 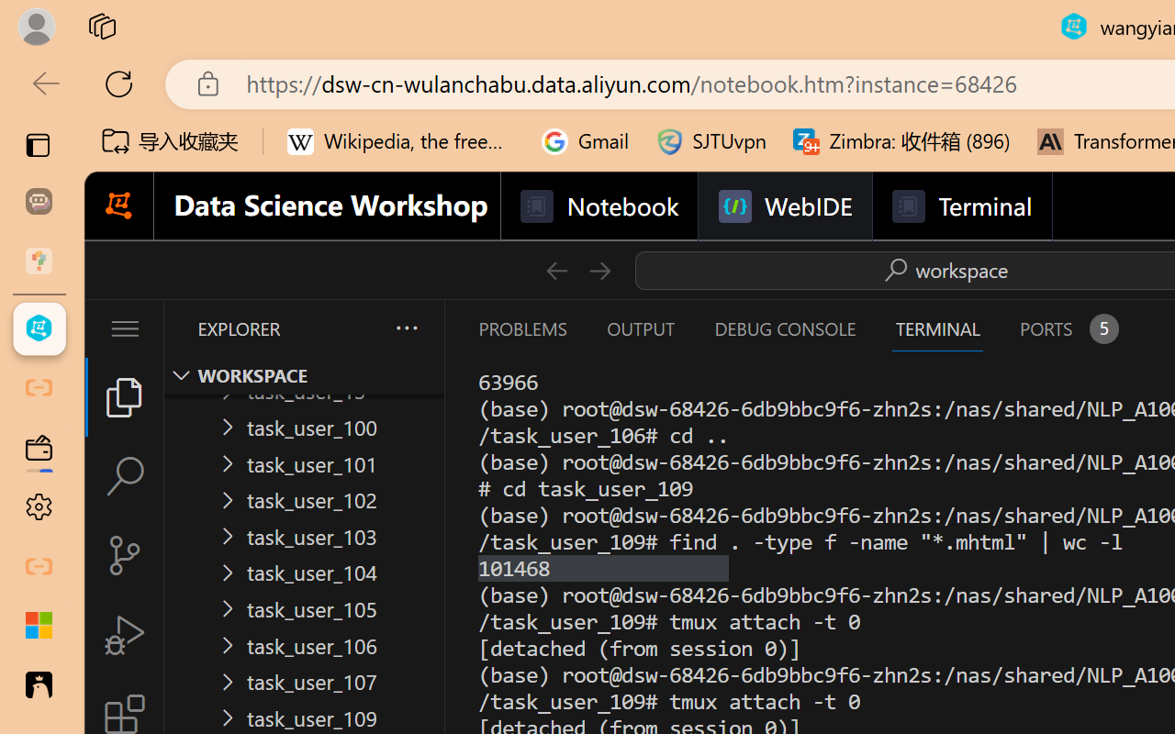 I want to click on 'WebIDE', so click(x=785, y=206).